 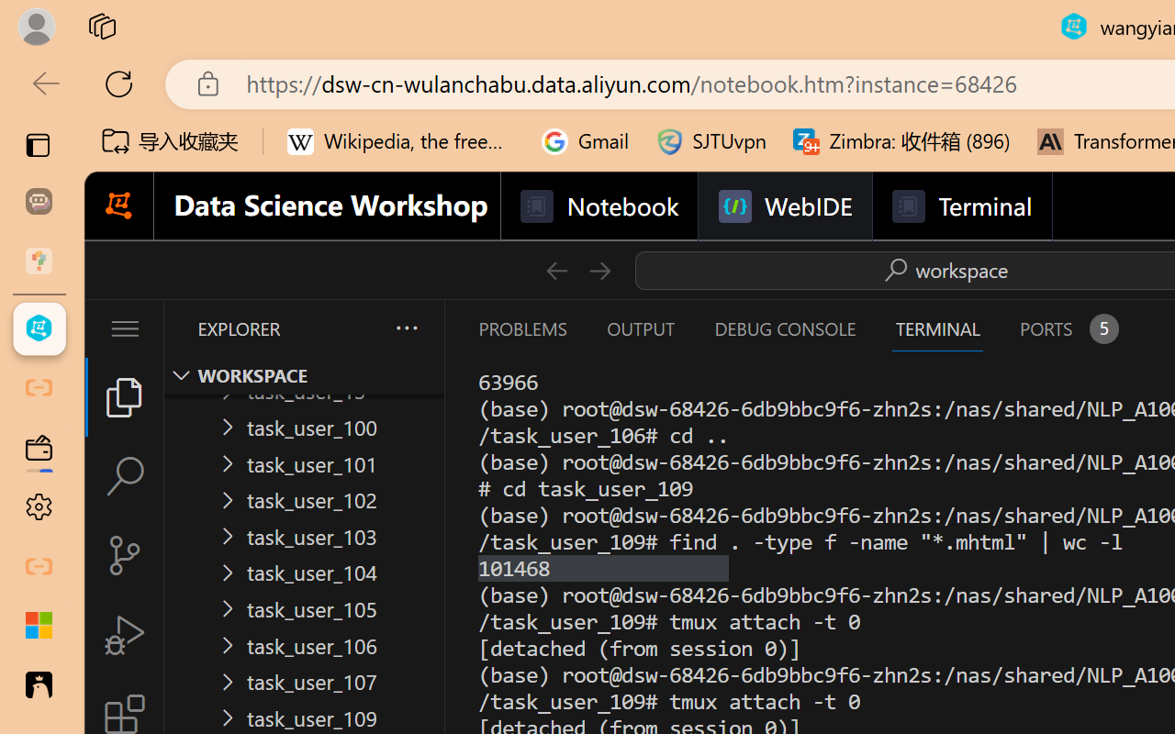 I want to click on 'WebIDE', so click(x=785, y=206).